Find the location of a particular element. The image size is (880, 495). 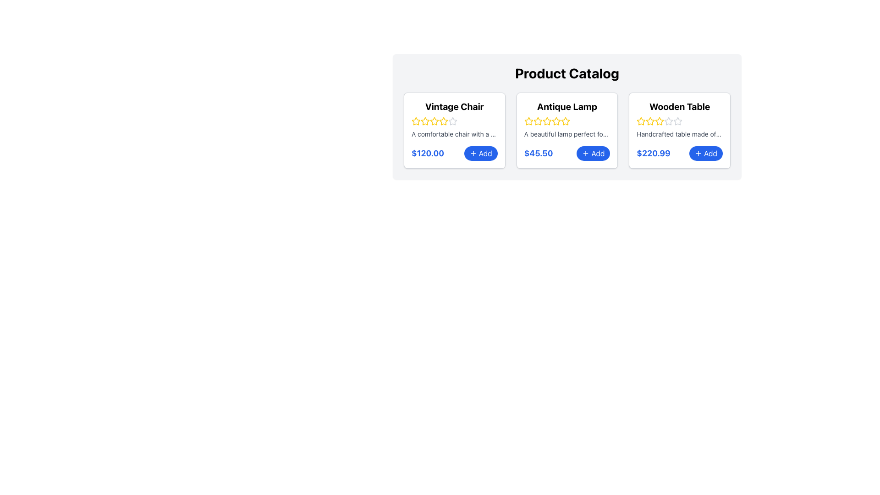

the Text Label that serves as a header for the product card, positioned at the top of the card and centered horizontally is located at coordinates (454, 106).